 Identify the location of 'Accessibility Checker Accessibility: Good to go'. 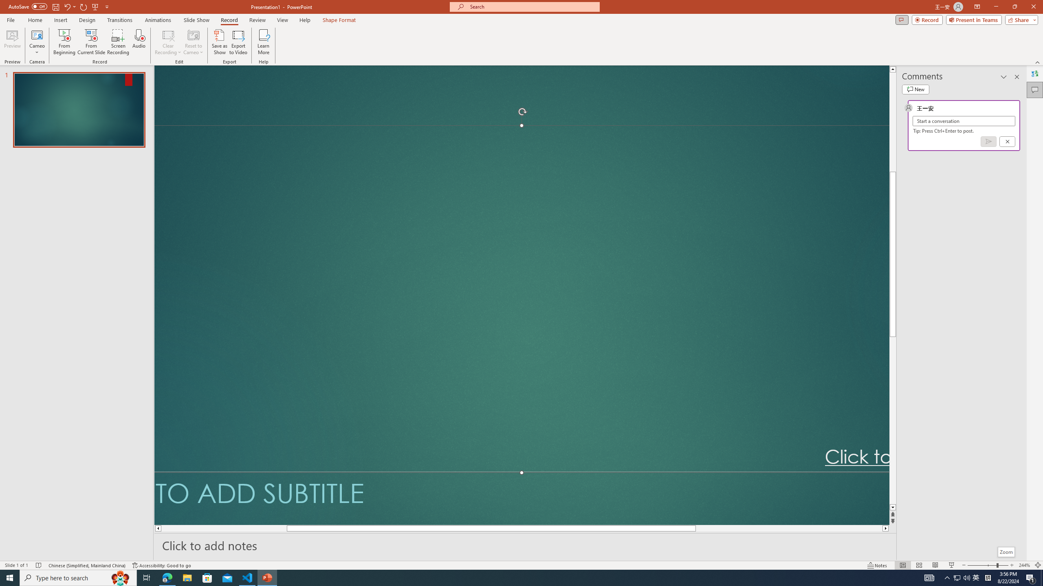
(162, 565).